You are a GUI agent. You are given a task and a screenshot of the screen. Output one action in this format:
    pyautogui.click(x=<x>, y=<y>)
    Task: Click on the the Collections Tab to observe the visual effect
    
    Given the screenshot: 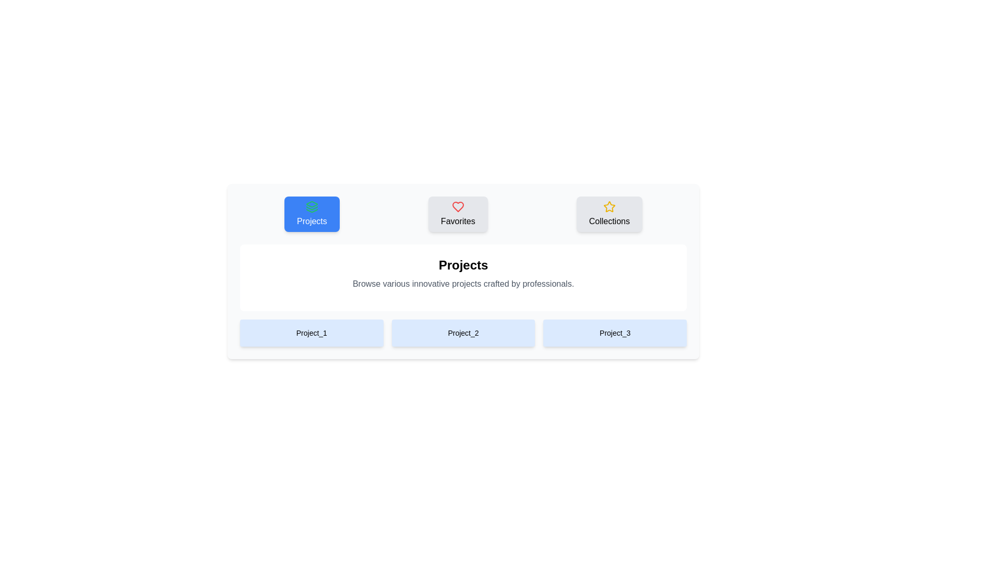 What is the action you would take?
    pyautogui.click(x=609, y=214)
    